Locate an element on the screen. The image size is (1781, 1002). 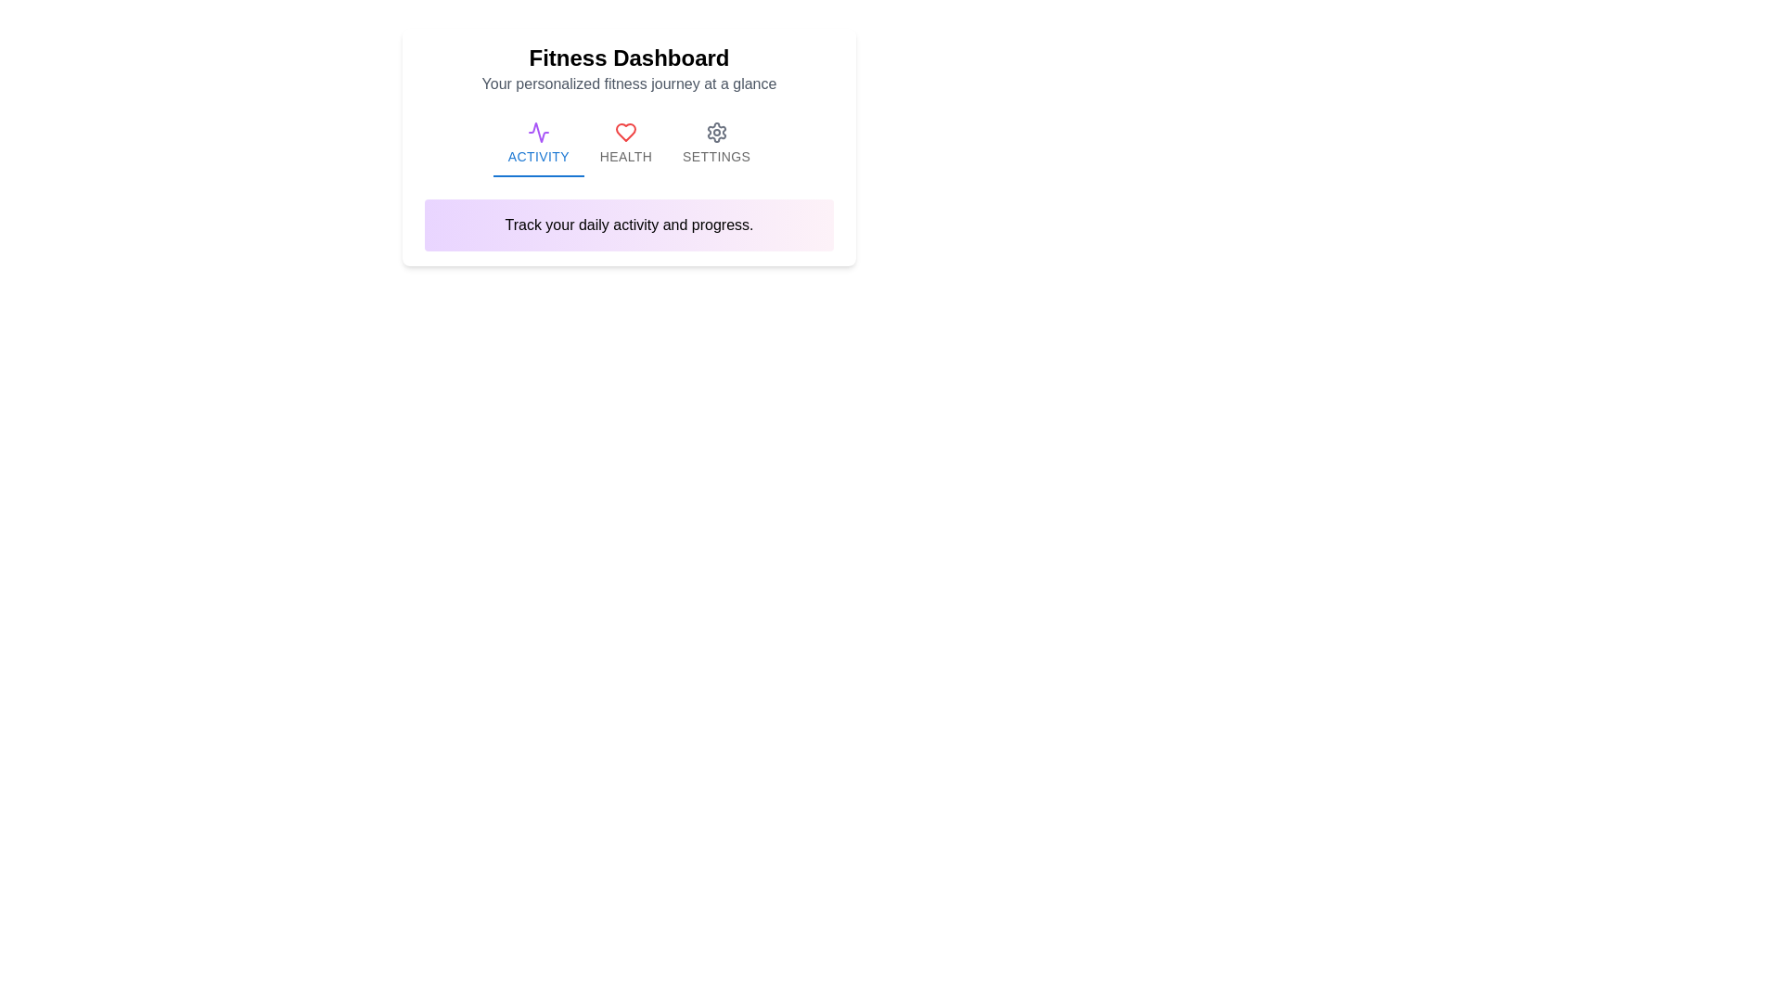
the header labeled 'Fitness Dashboard' which is styled with bold, black text and positioned at the top of the interface is located at coordinates (629, 57).